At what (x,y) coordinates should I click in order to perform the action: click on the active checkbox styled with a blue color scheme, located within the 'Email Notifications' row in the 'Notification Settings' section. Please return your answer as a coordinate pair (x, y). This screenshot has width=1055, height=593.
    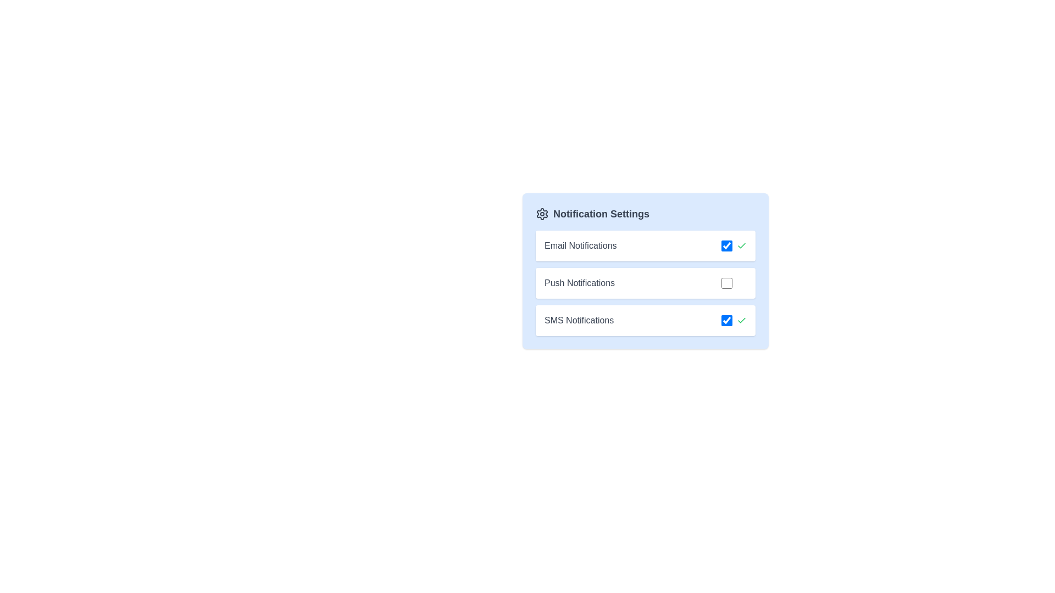
    Looking at the image, I should click on (727, 245).